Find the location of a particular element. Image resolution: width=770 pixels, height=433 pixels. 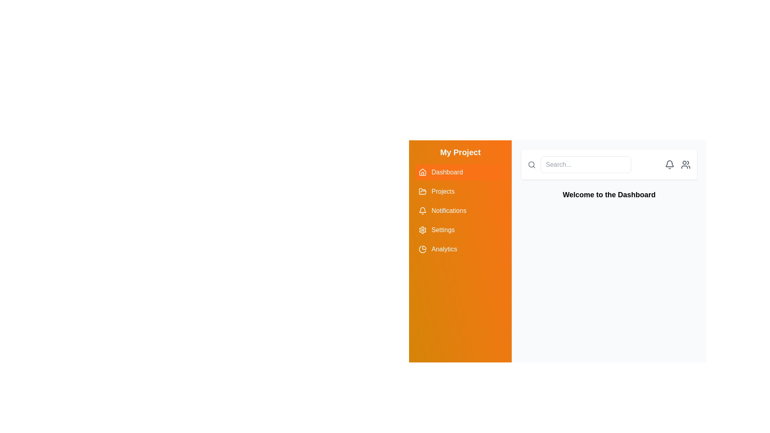

the circular part of the magnifying glass icon located in the top-right section of the interface, integrated into the search bar component is located at coordinates (531, 164).